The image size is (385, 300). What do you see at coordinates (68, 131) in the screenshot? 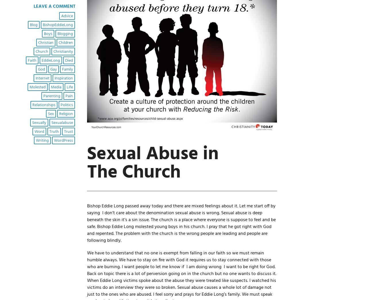
I see `'Trust'` at bounding box center [68, 131].